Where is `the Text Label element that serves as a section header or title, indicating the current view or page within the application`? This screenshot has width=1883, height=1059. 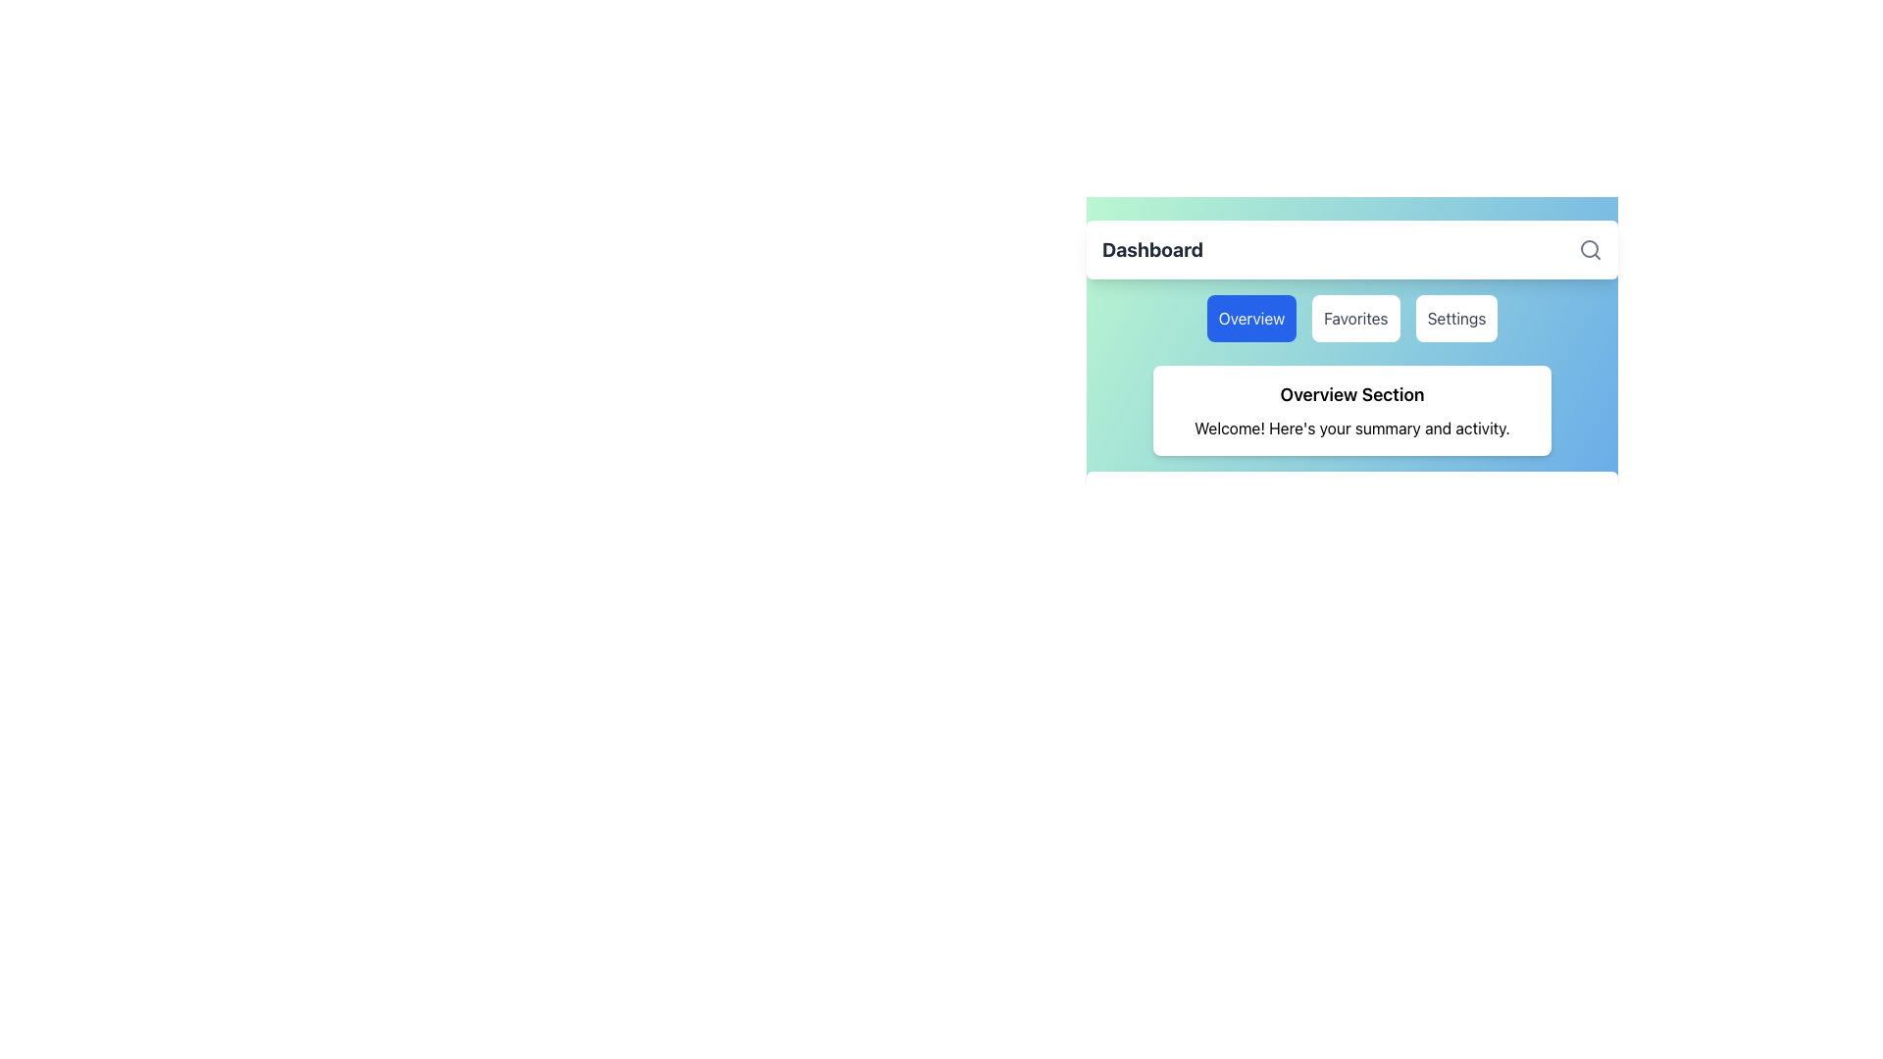 the Text Label element that serves as a section header or title, indicating the current view or page within the application is located at coordinates (1152, 248).